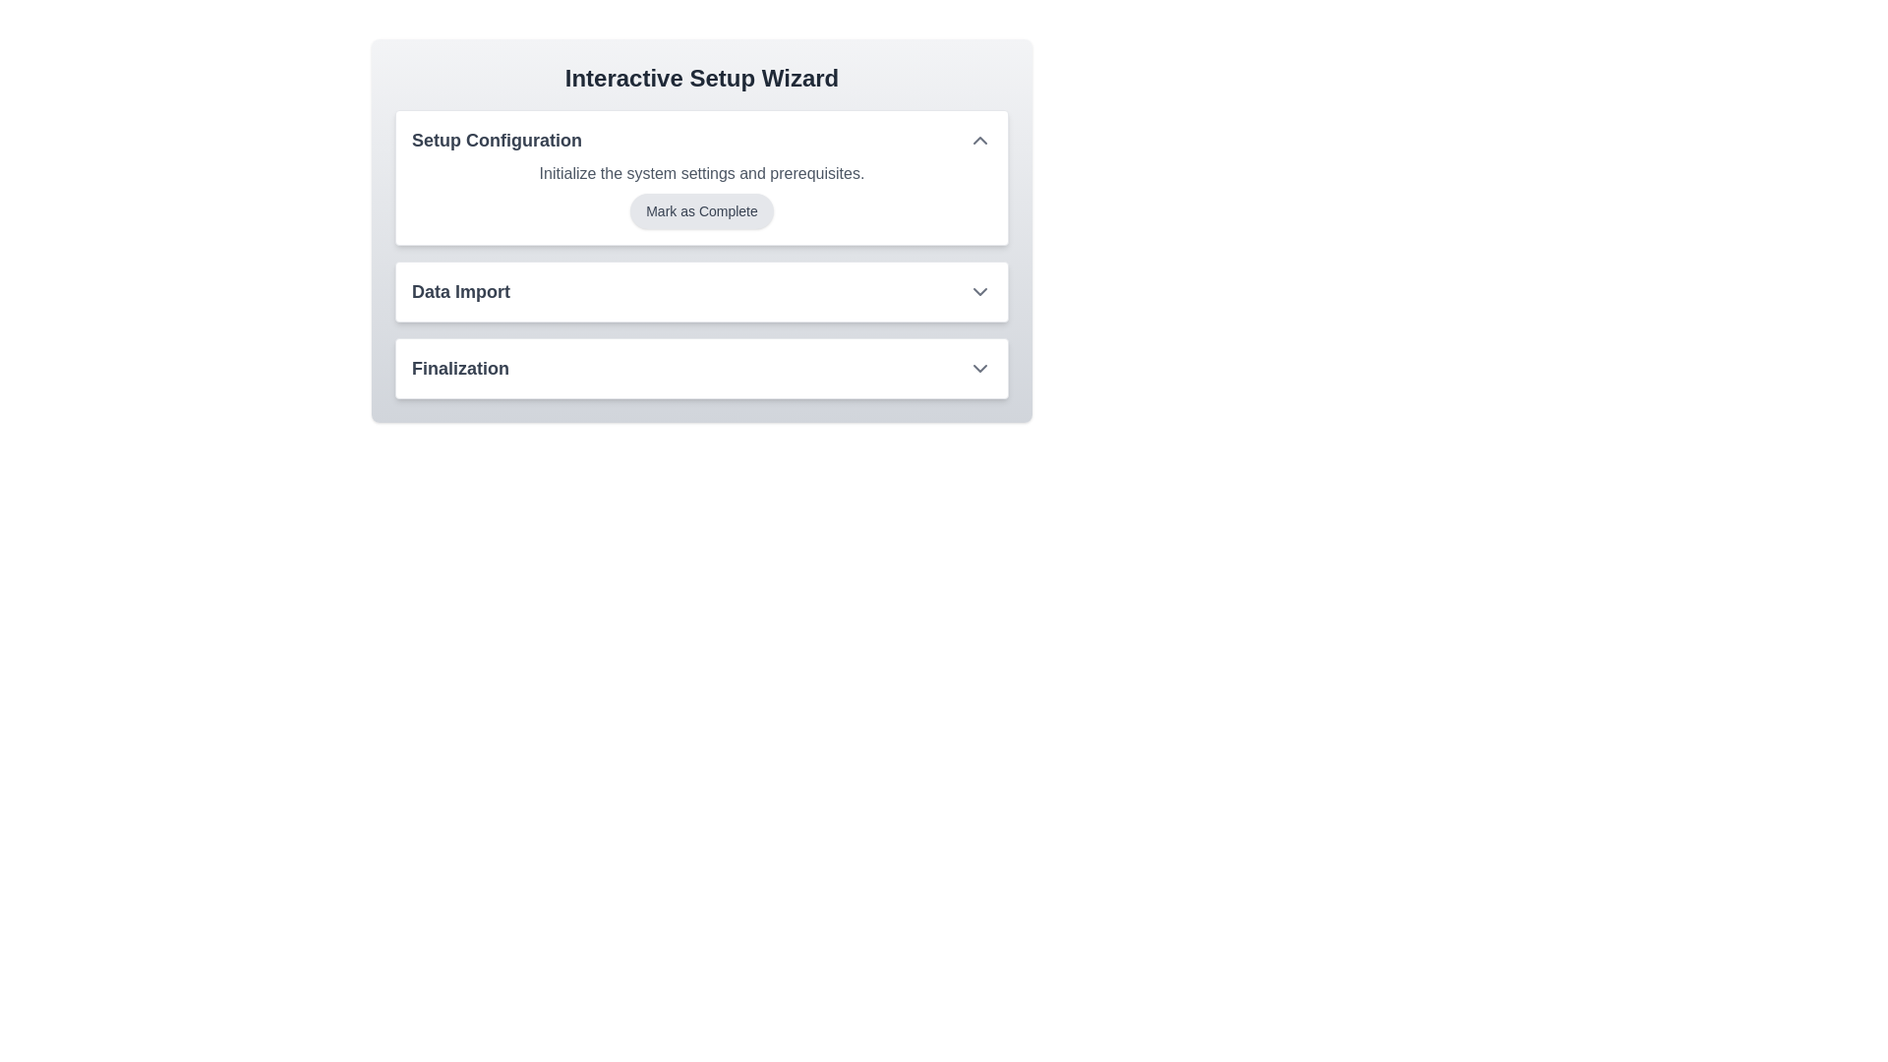 The image size is (1888, 1062). Describe the element at coordinates (702, 368) in the screenshot. I see `the 'Finalization' dropdown trigger located in the bottom section` at that location.